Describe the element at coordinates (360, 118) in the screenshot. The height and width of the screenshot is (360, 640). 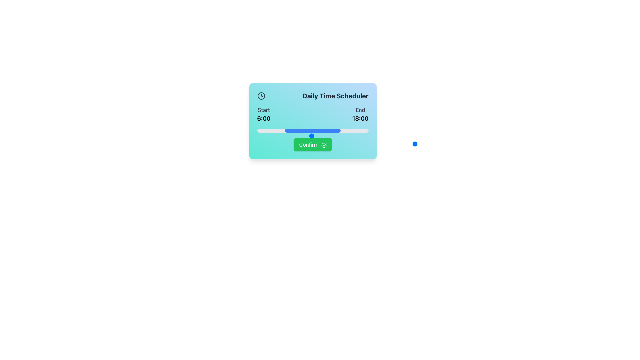
I see `the text label displaying '18:00' located in the upper right corner of the 'Daily Time Scheduler' card, which is below the 'End' label and to the right of a slider` at that location.